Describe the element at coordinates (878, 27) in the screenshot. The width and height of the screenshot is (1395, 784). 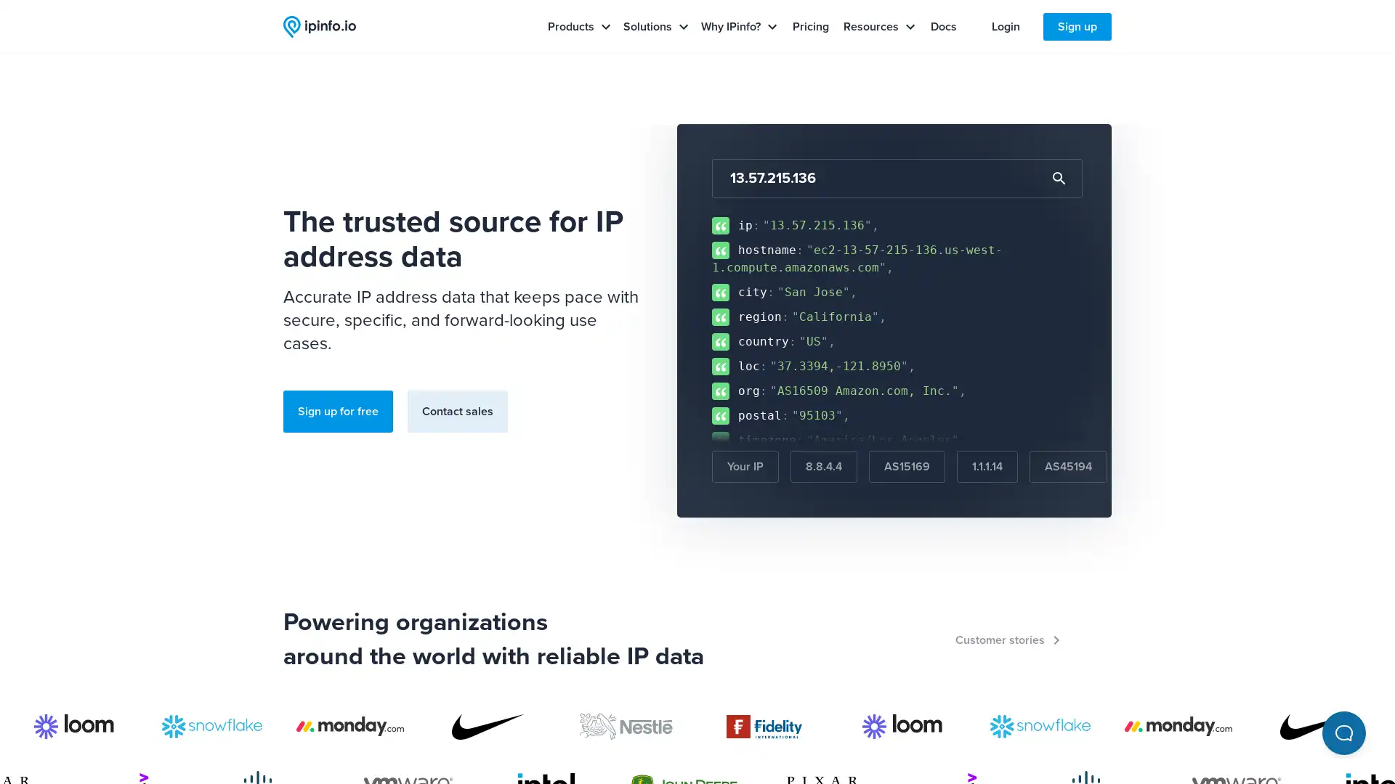
I see `Resources` at that location.